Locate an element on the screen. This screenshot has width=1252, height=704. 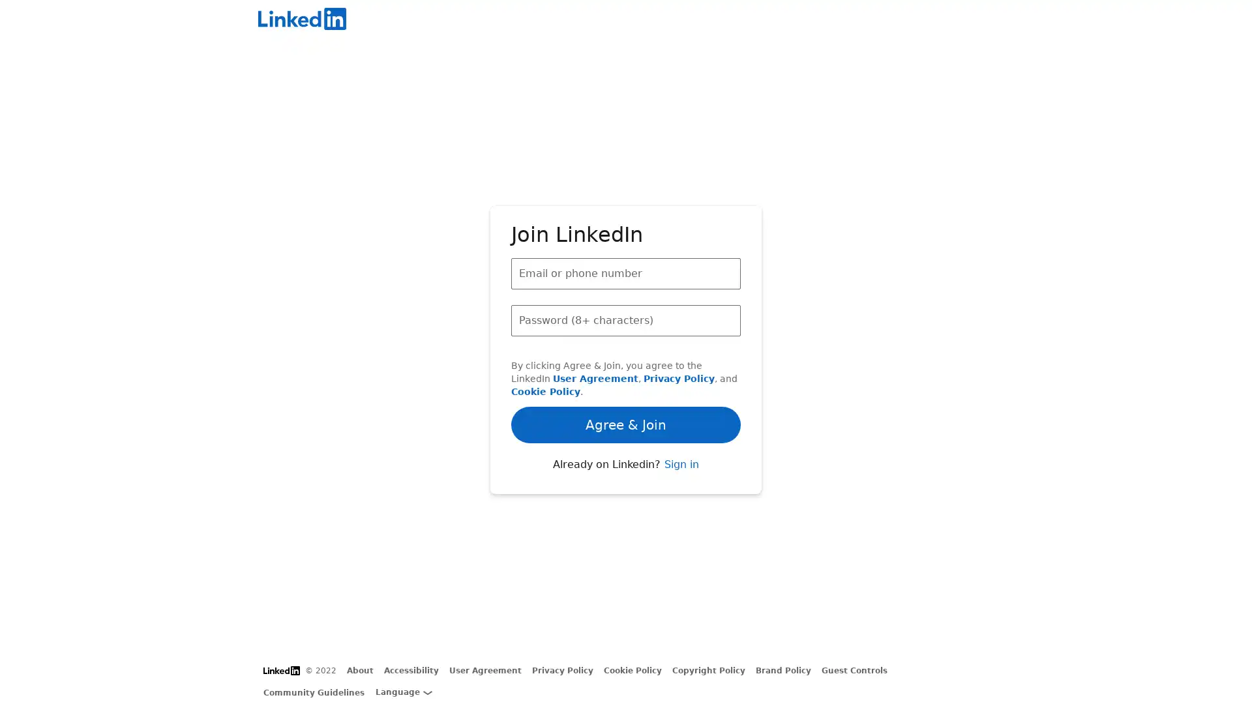
Language is located at coordinates (403, 691).